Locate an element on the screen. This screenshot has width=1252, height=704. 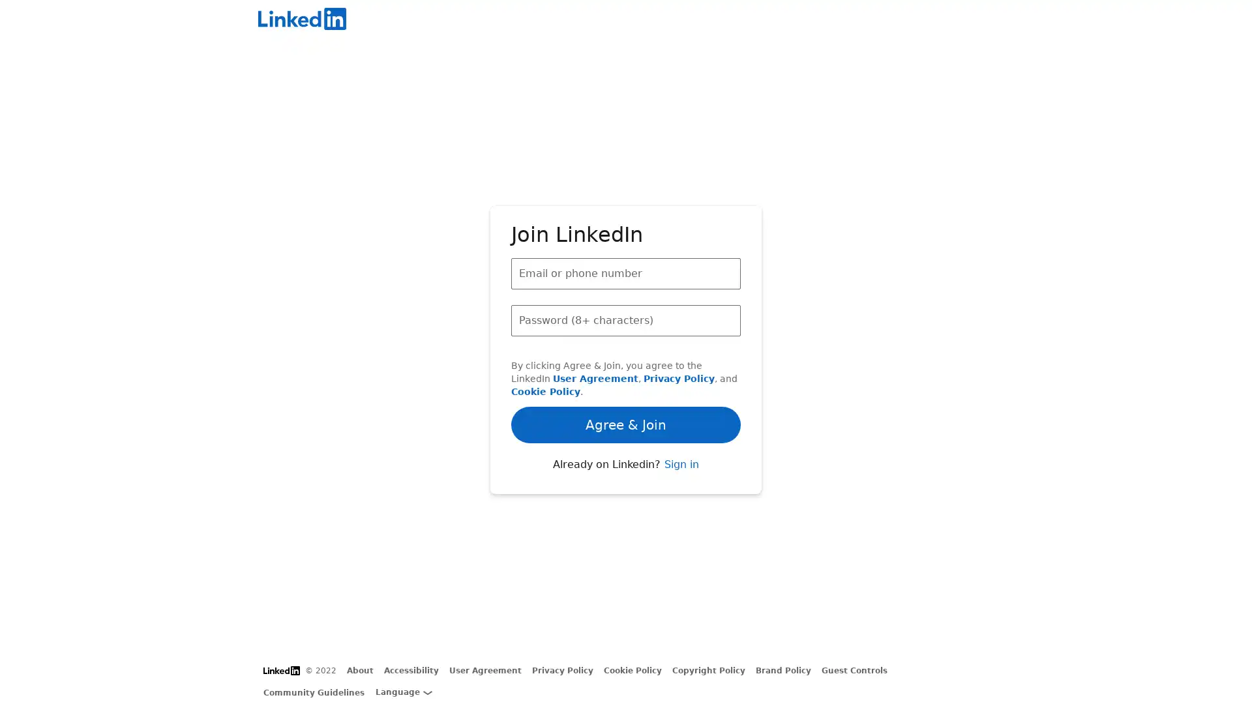
Language is located at coordinates (403, 691).